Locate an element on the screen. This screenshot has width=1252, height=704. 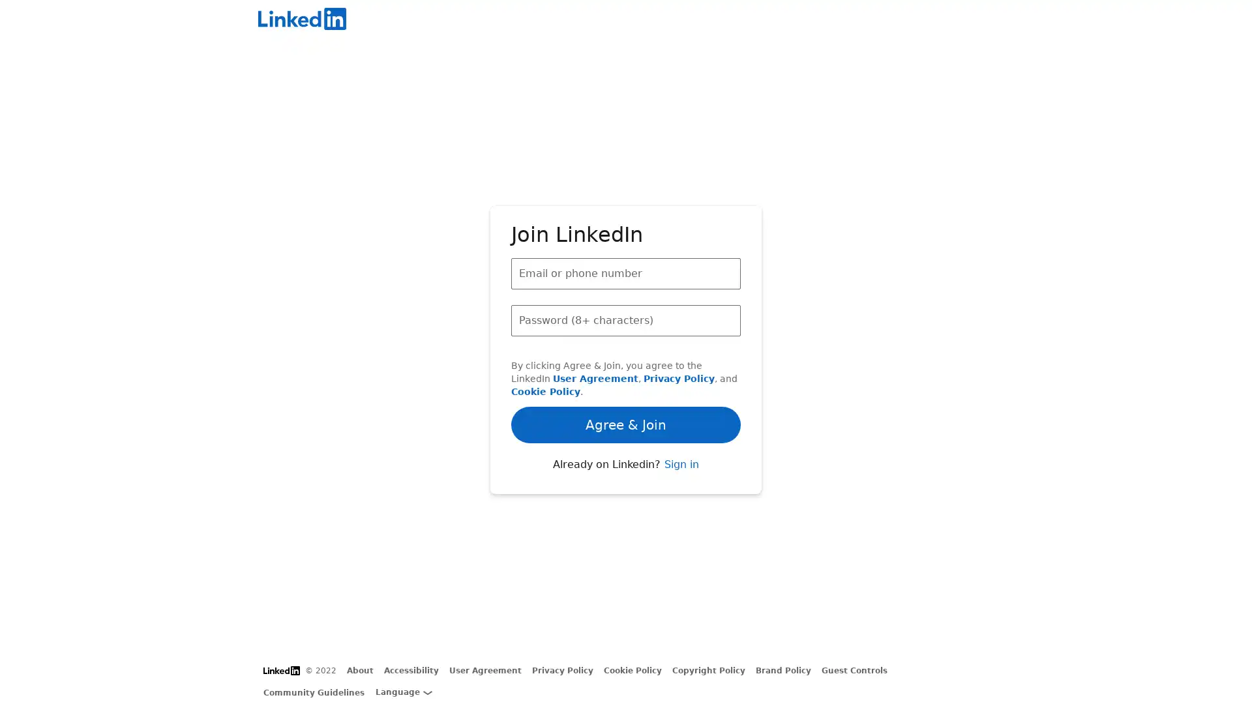
Language is located at coordinates (403, 691).